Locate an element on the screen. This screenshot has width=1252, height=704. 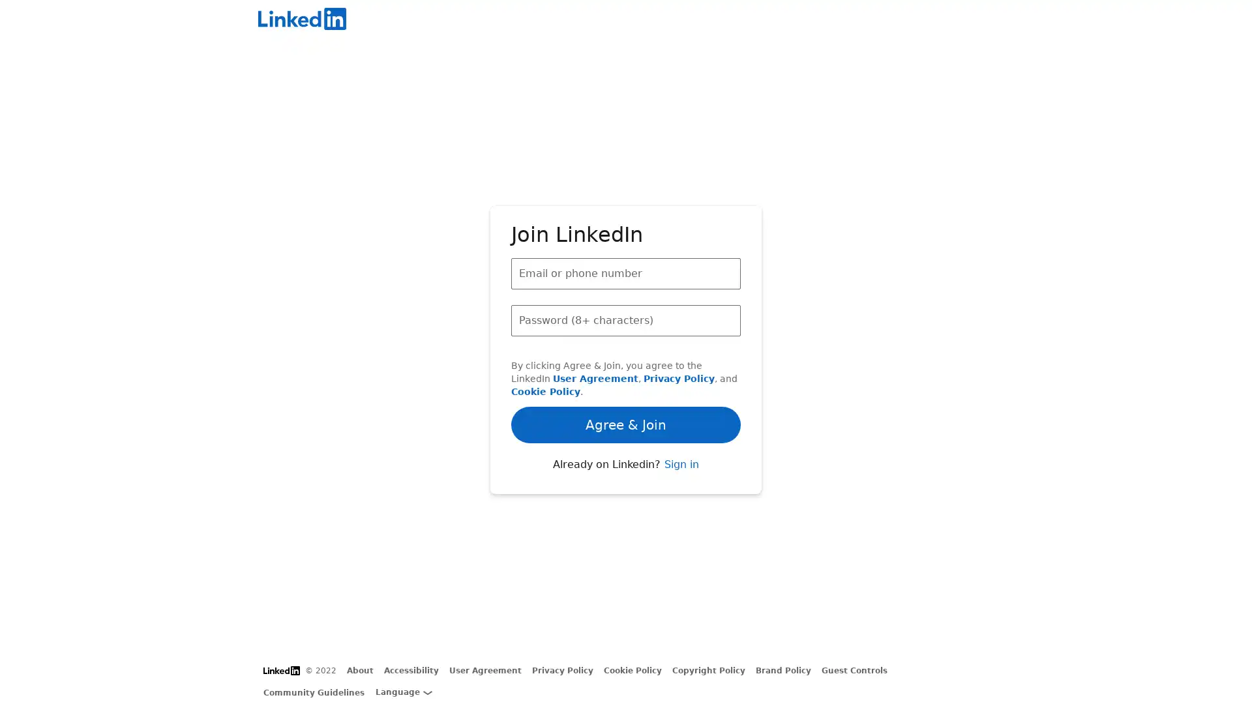
Language is located at coordinates (403, 691).